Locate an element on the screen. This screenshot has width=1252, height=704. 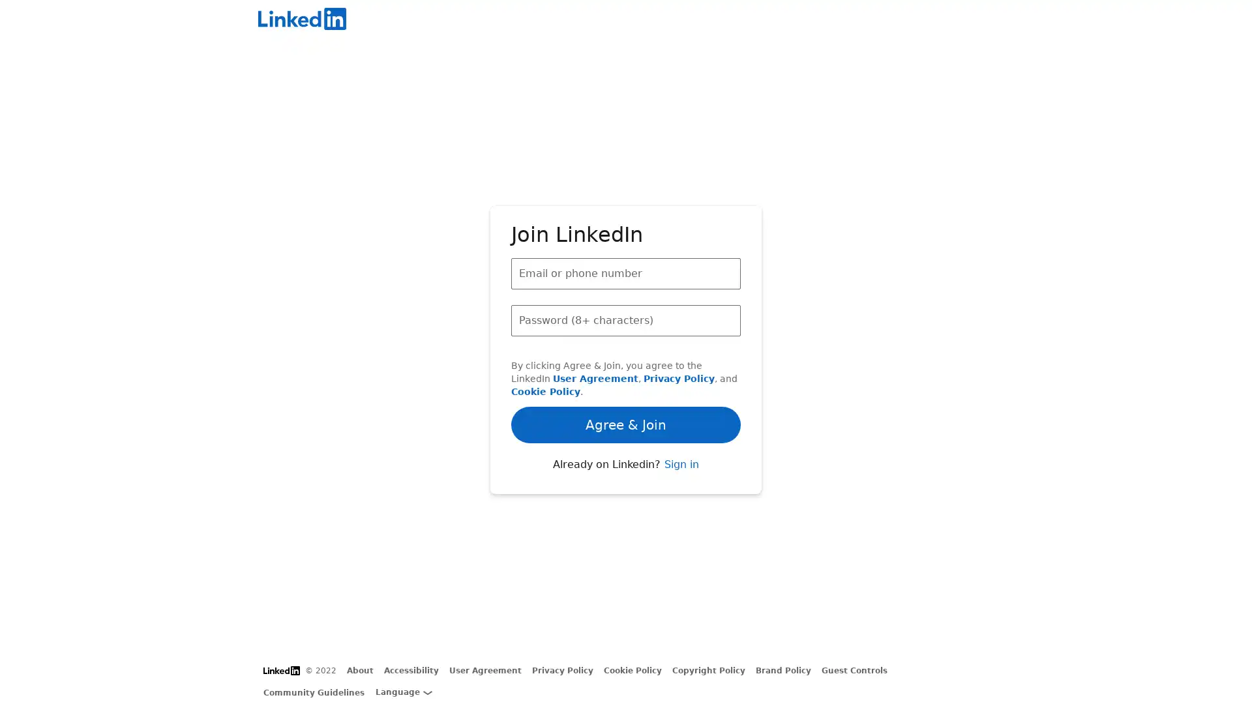
Language is located at coordinates (403, 691).